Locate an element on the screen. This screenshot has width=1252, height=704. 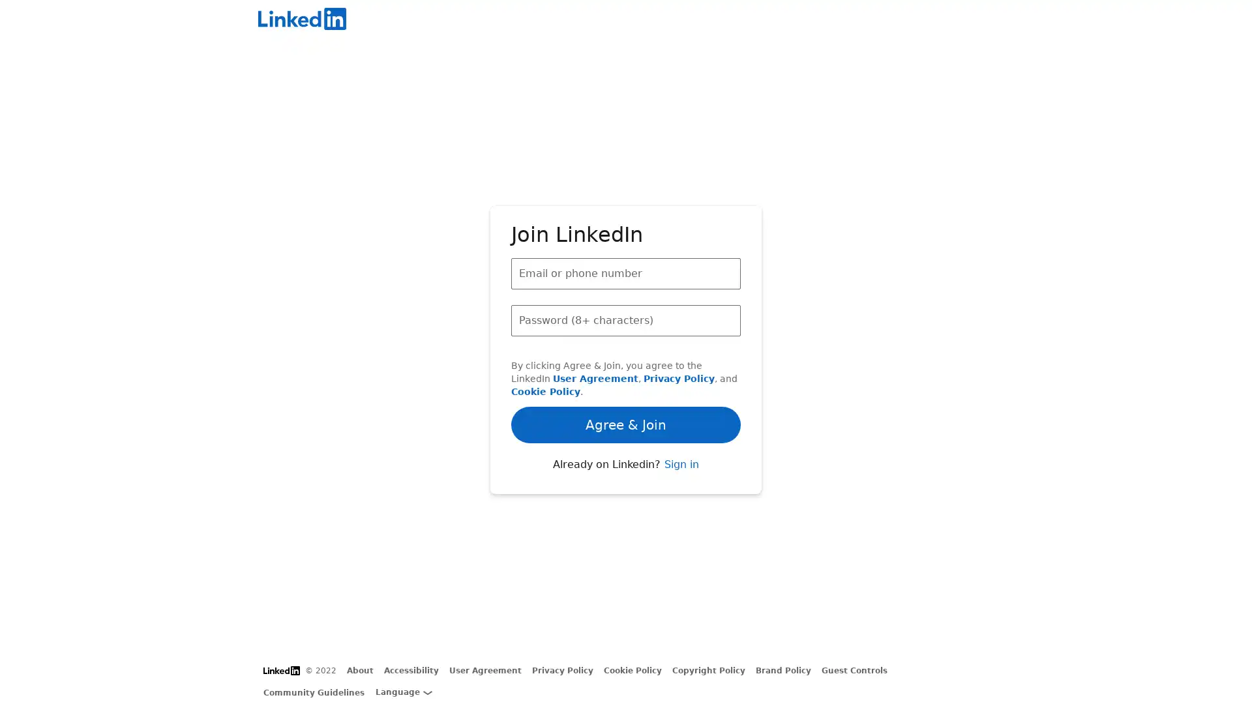
Language is located at coordinates (403, 691).